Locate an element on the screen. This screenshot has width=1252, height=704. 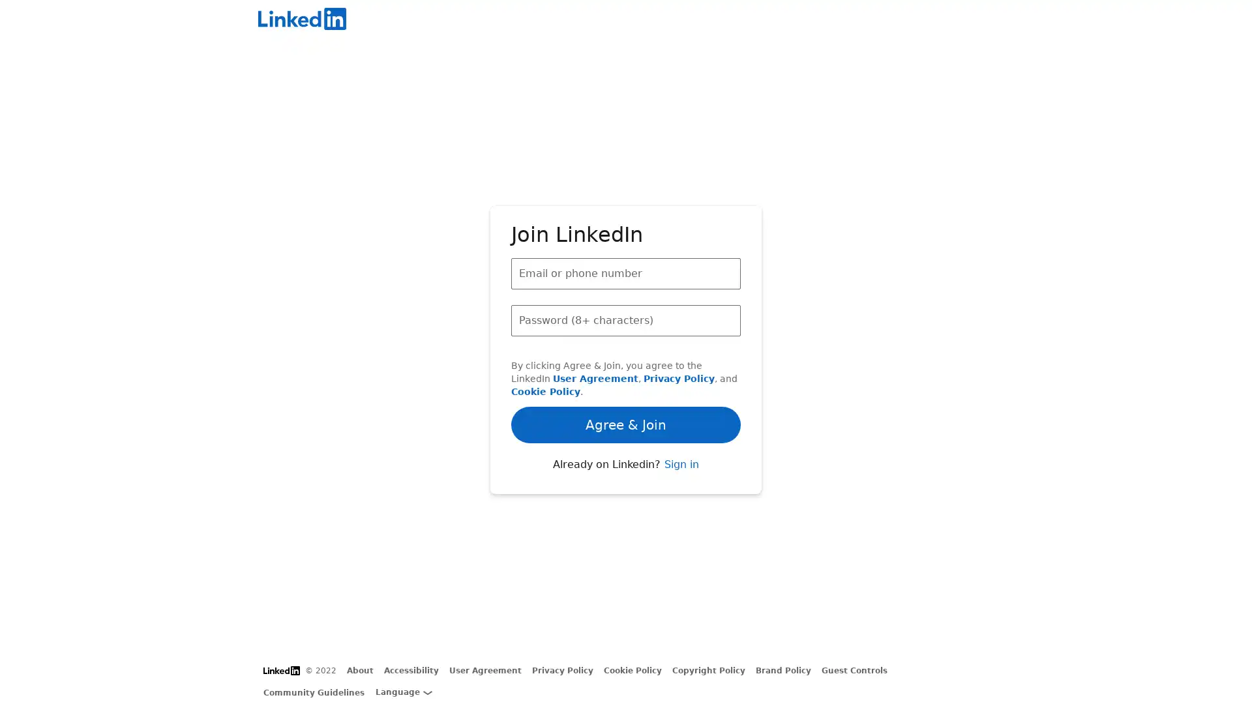
Language is located at coordinates (403, 691).